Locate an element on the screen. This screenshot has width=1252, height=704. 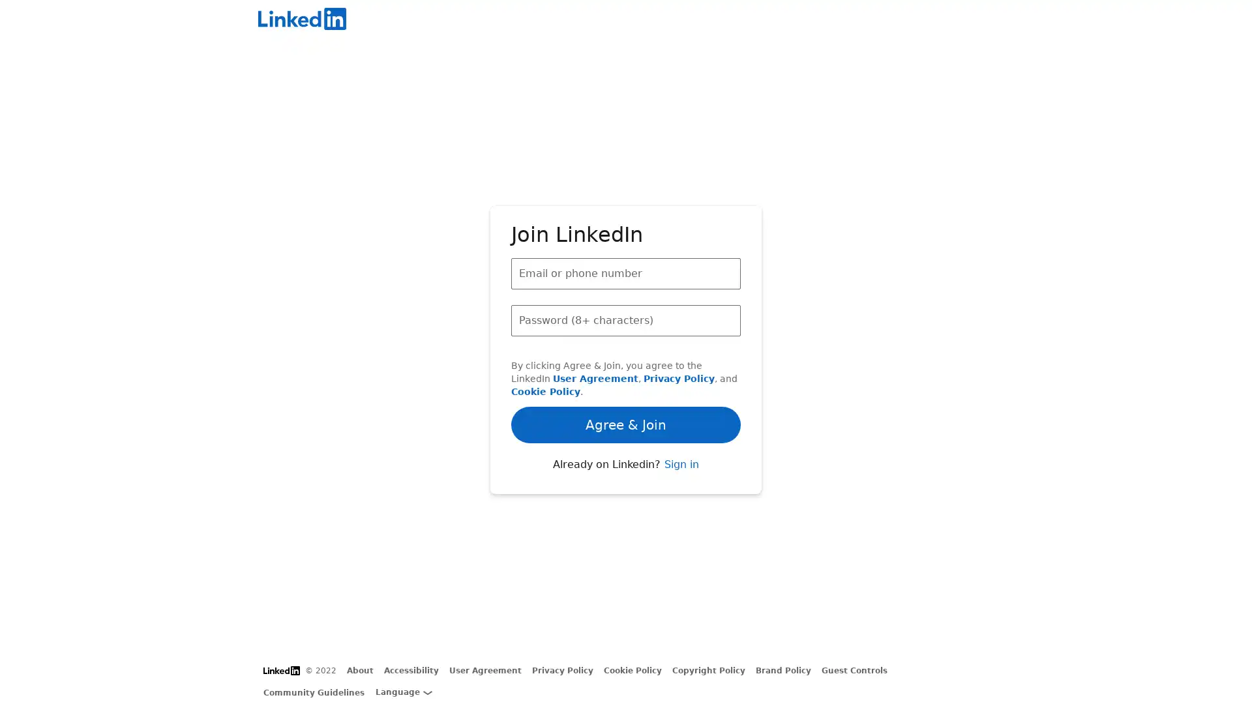
Language is located at coordinates (403, 691).